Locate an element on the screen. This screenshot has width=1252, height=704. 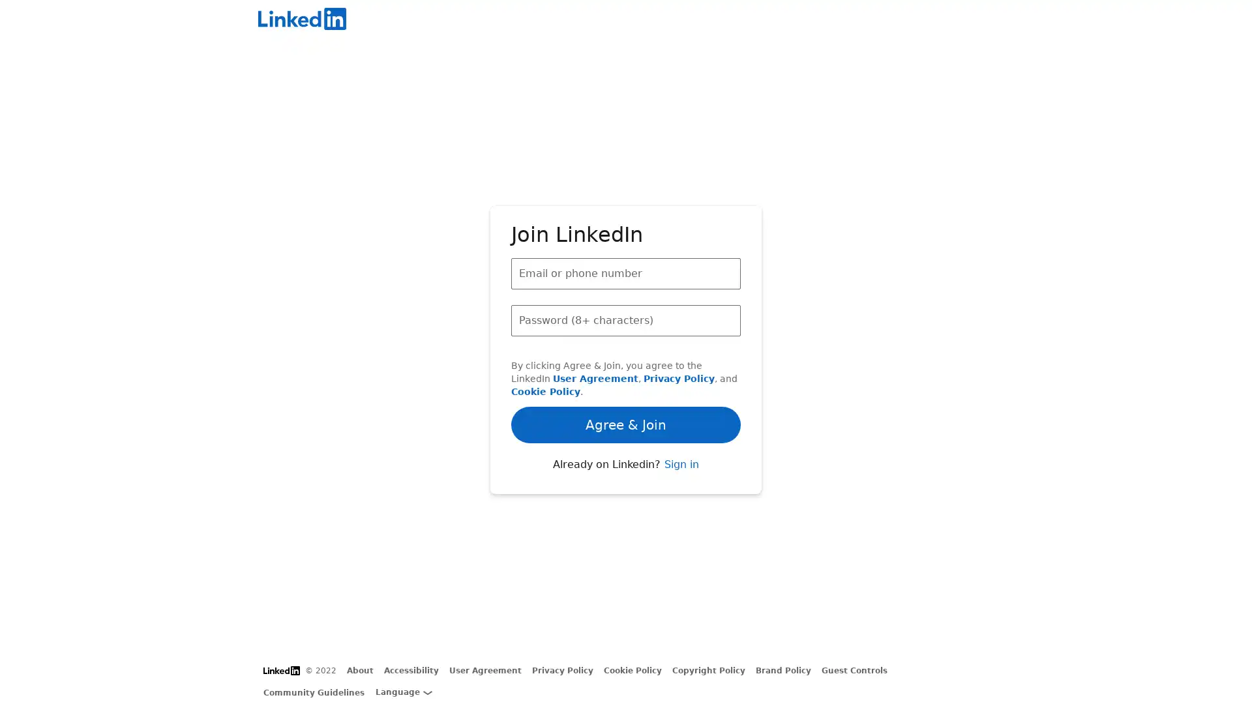
Language is located at coordinates (403, 691).